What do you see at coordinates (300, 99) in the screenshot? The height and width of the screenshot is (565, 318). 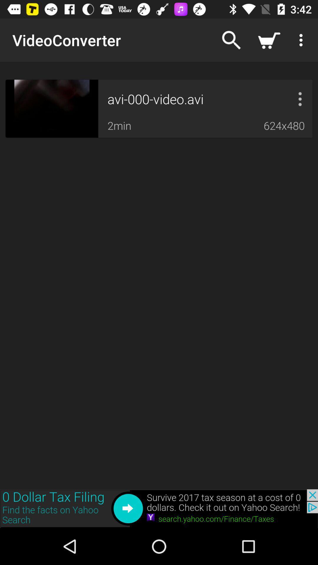 I see `more option` at bounding box center [300, 99].